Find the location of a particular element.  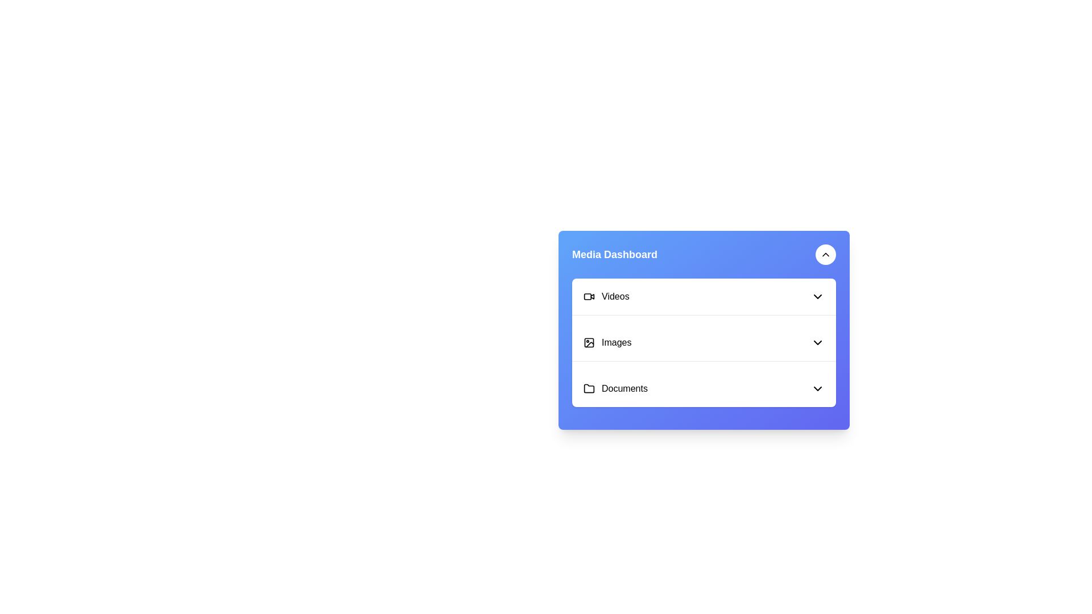

the 'Videos' menu item, which is the topmost element is located at coordinates (606, 296).